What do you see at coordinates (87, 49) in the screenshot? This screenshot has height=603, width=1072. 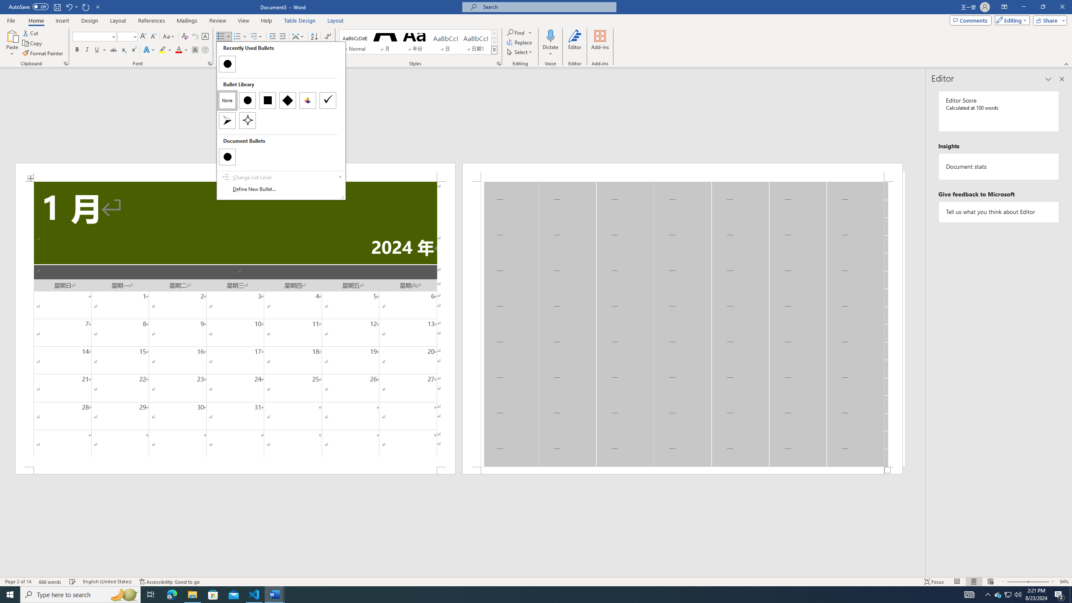 I see `'Italic'` at bounding box center [87, 49].